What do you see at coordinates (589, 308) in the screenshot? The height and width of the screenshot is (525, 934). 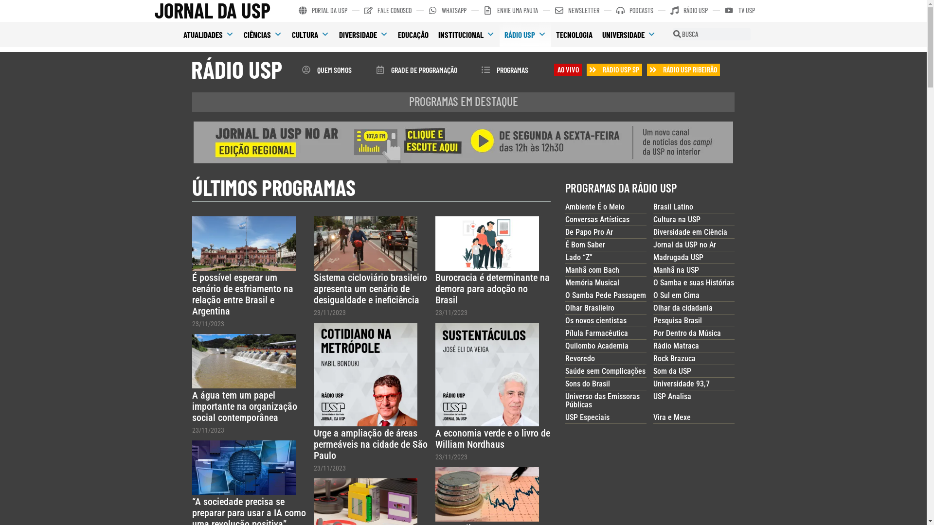 I see `'Olhar Brasileiro'` at bounding box center [589, 308].